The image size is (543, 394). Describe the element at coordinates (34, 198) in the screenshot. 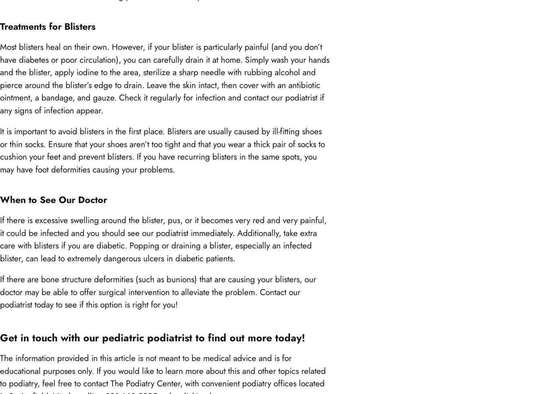

I see `'Privacy Policy'` at that location.